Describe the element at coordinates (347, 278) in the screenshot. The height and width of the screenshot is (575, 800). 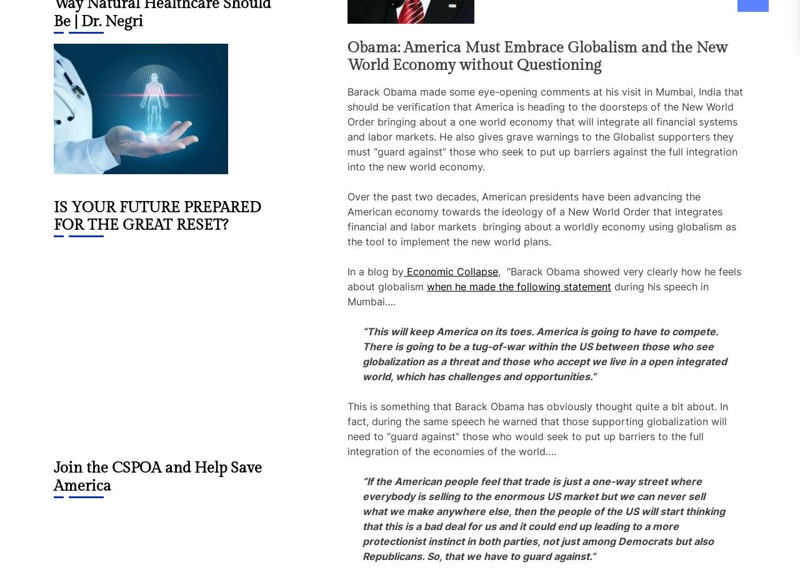
I see `',  “Barack Obama showed very clearly how he feels about globalism'` at that location.